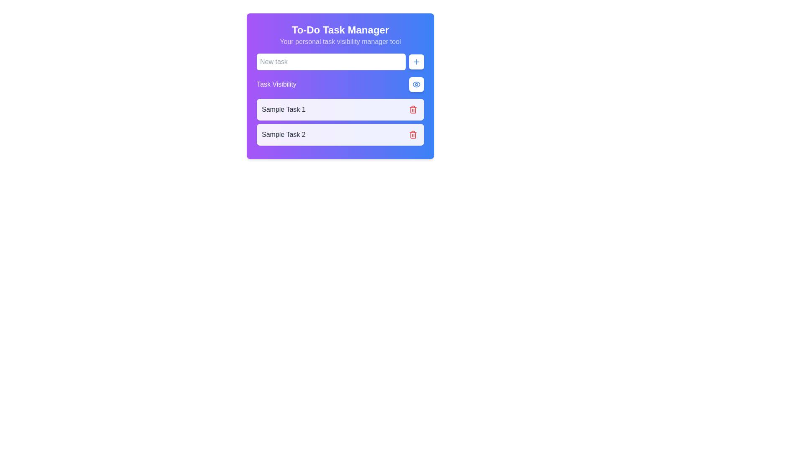  I want to click on the red trashcan-shaped icon button located to the far right of the entry labeled 'Sample Task 1', so click(413, 109).